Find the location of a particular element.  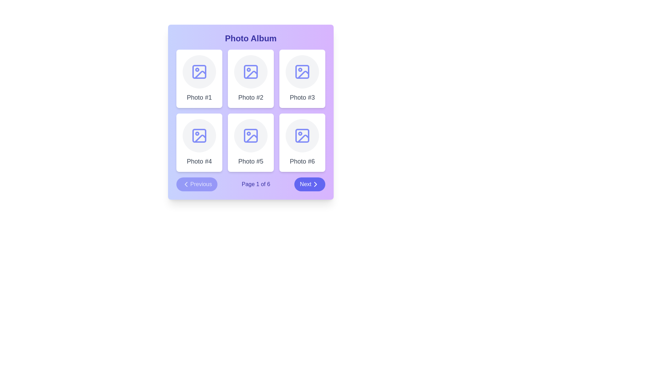

the first photo slot icon in the album is located at coordinates (199, 72).